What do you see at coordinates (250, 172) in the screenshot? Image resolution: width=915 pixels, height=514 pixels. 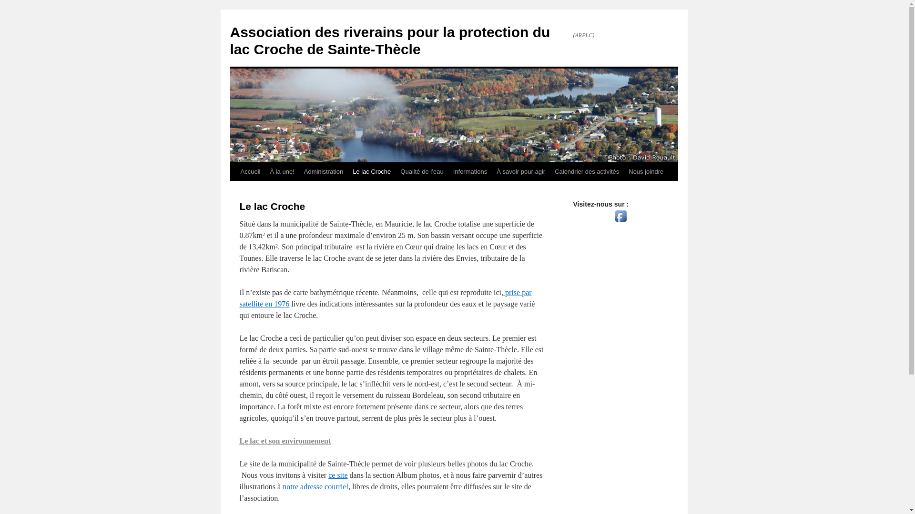 I see `'Accueil'` at bounding box center [250, 172].